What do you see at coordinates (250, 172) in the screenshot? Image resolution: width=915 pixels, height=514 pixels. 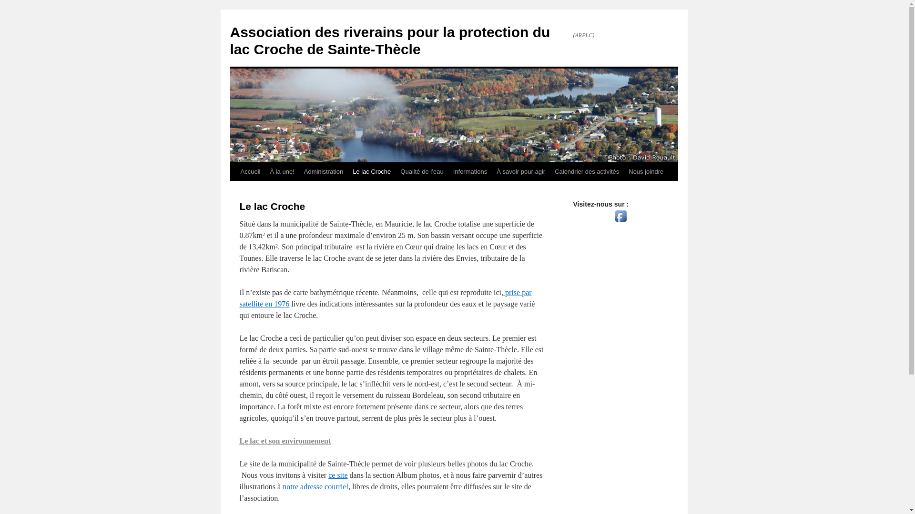 I see `'Accueil'` at bounding box center [250, 172].